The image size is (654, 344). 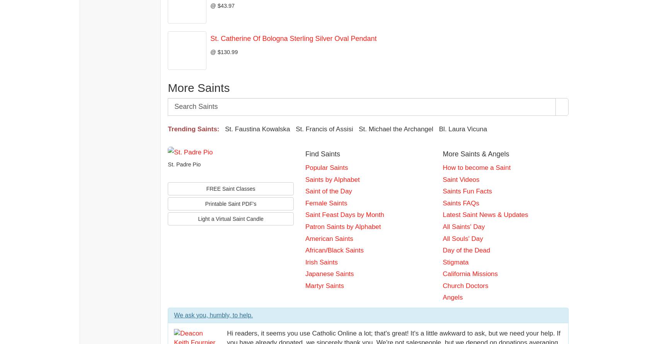 What do you see at coordinates (465, 285) in the screenshot?
I see `'Church Doctors'` at bounding box center [465, 285].